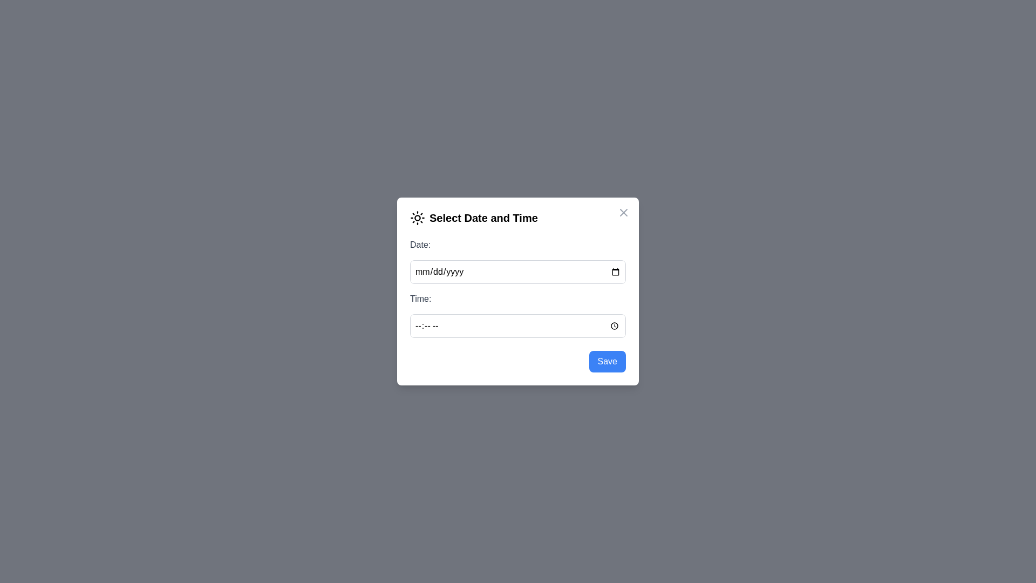 The height and width of the screenshot is (583, 1036). I want to click on close button to close the dialog box, so click(624, 212).